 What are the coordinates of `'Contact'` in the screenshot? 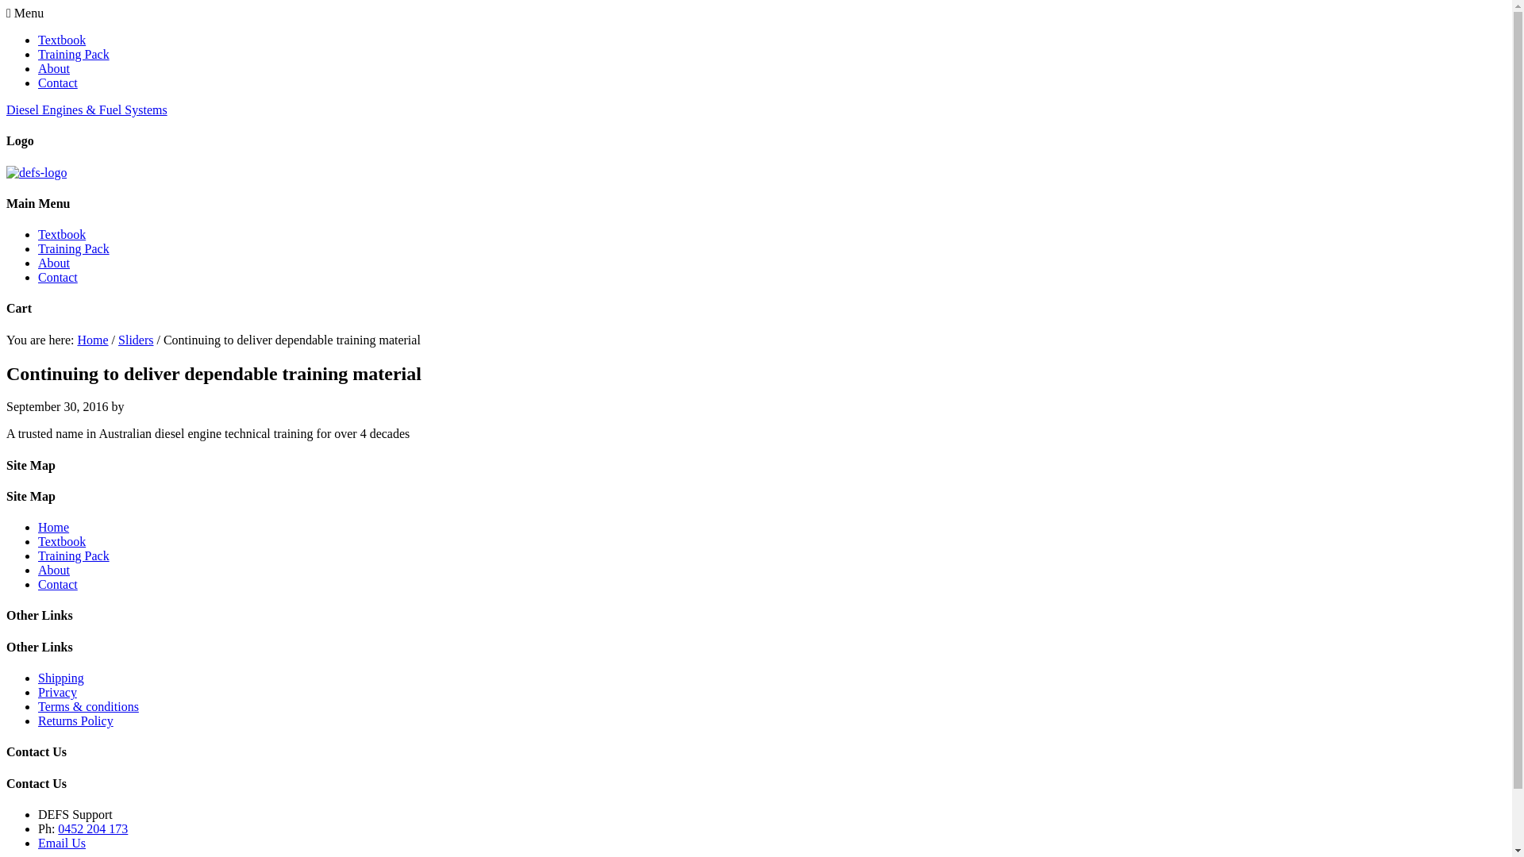 It's located at (57, 584).